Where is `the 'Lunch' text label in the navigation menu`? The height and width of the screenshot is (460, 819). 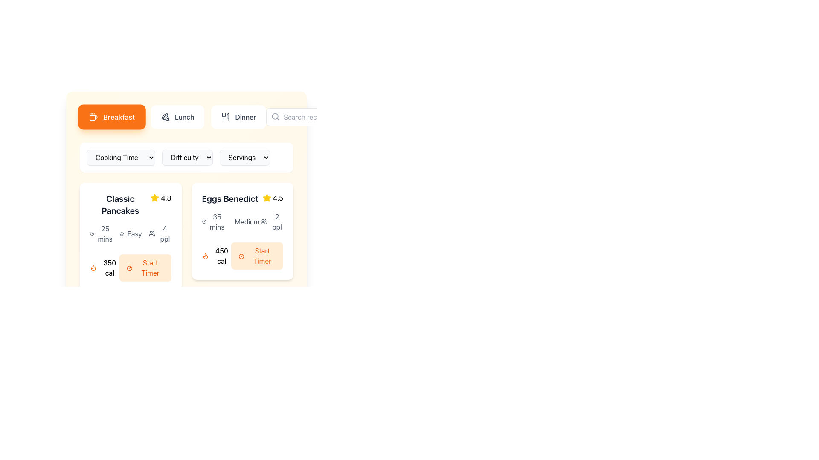
the 'Lunch' text label in the navigation menu is located at coordinates (184, 117).